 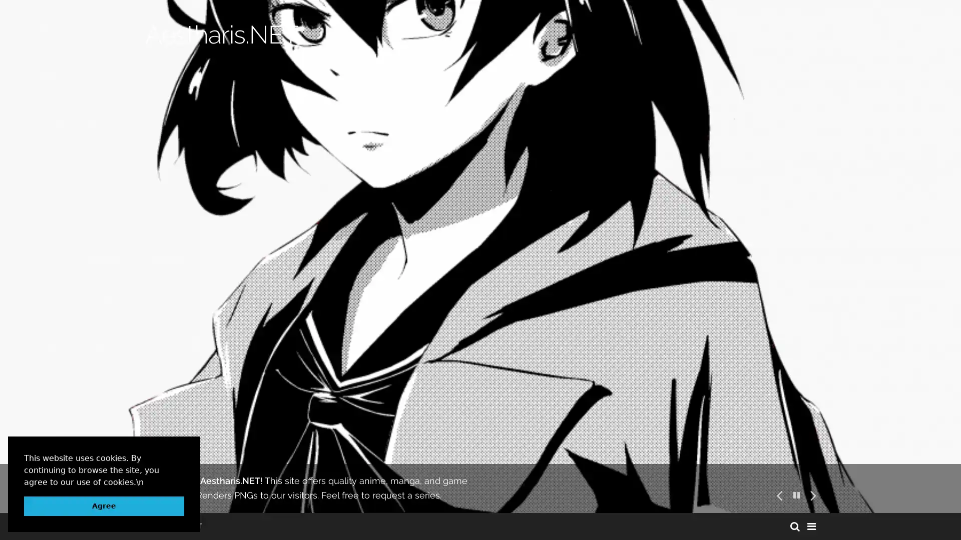 I want to click on dismiss cookie message, so click(x=104, y=505).